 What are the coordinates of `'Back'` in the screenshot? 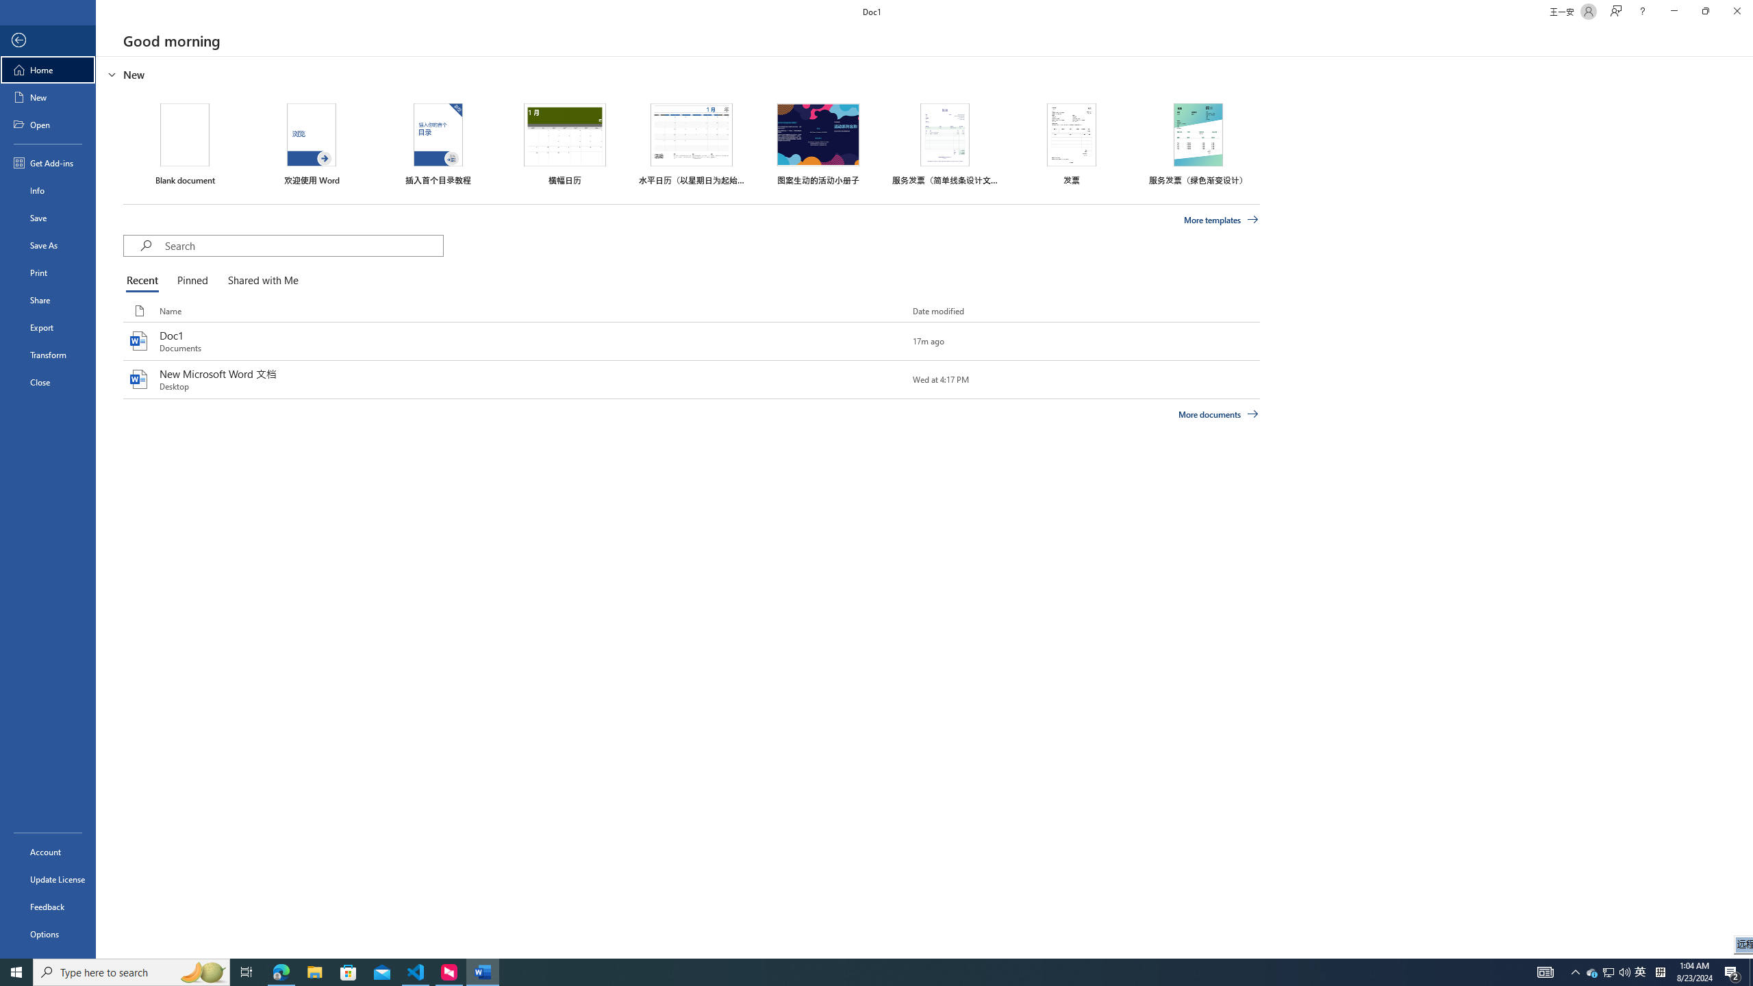 It's located at (47, 40).